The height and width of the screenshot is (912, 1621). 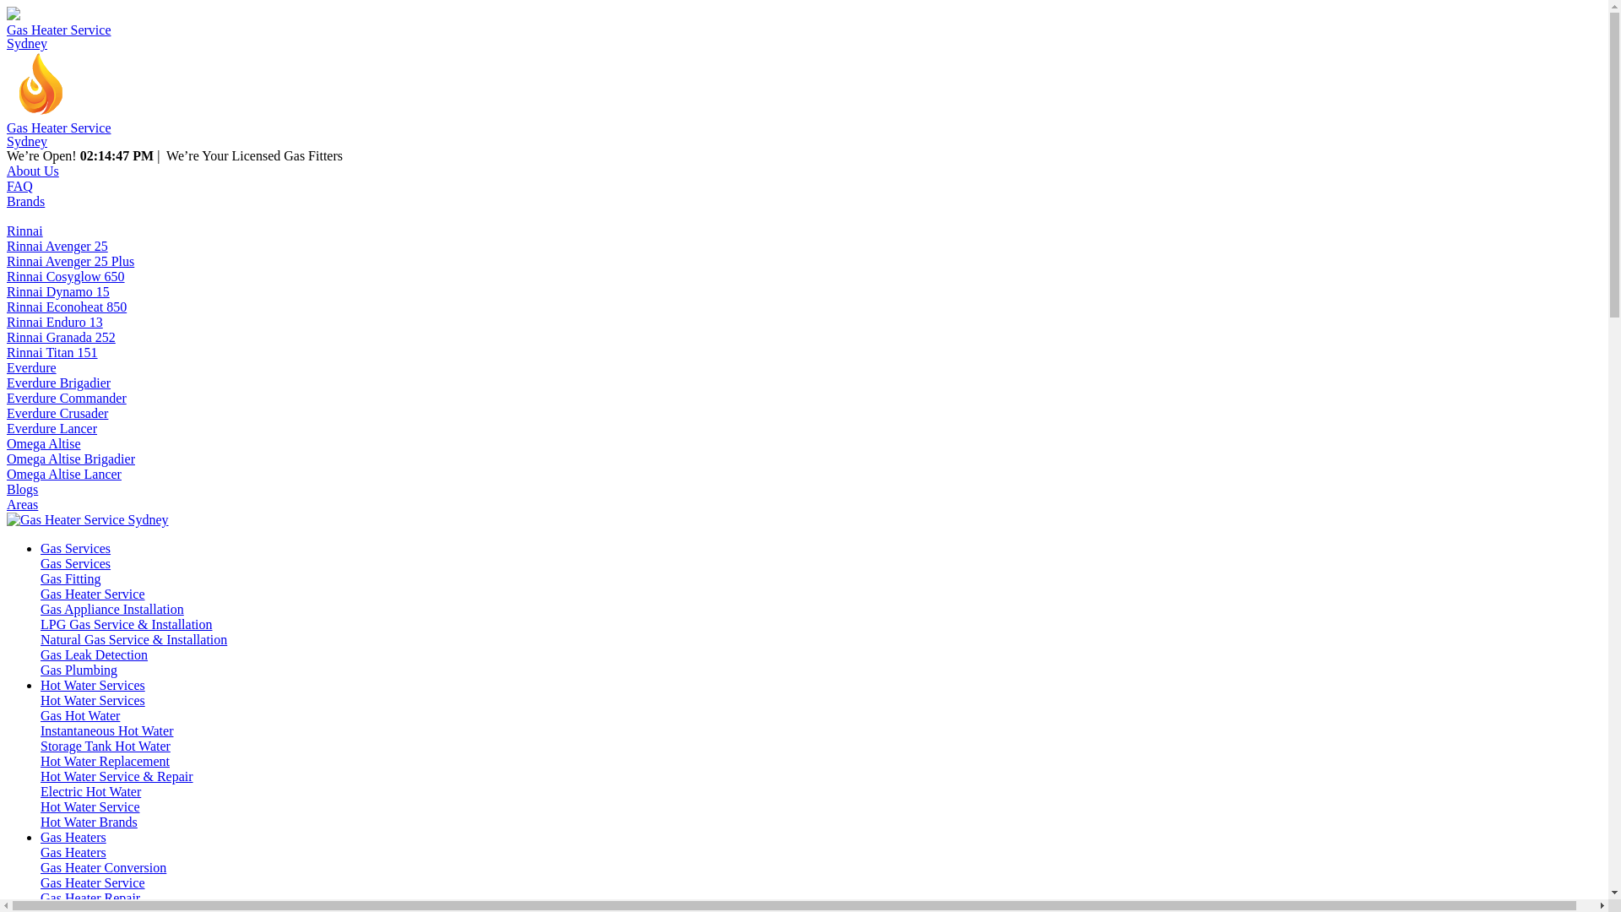 What do you see at coordinates (44, 442) in the screenshot?
I see `'Omega Altise'` at bounding box center [44, 442].